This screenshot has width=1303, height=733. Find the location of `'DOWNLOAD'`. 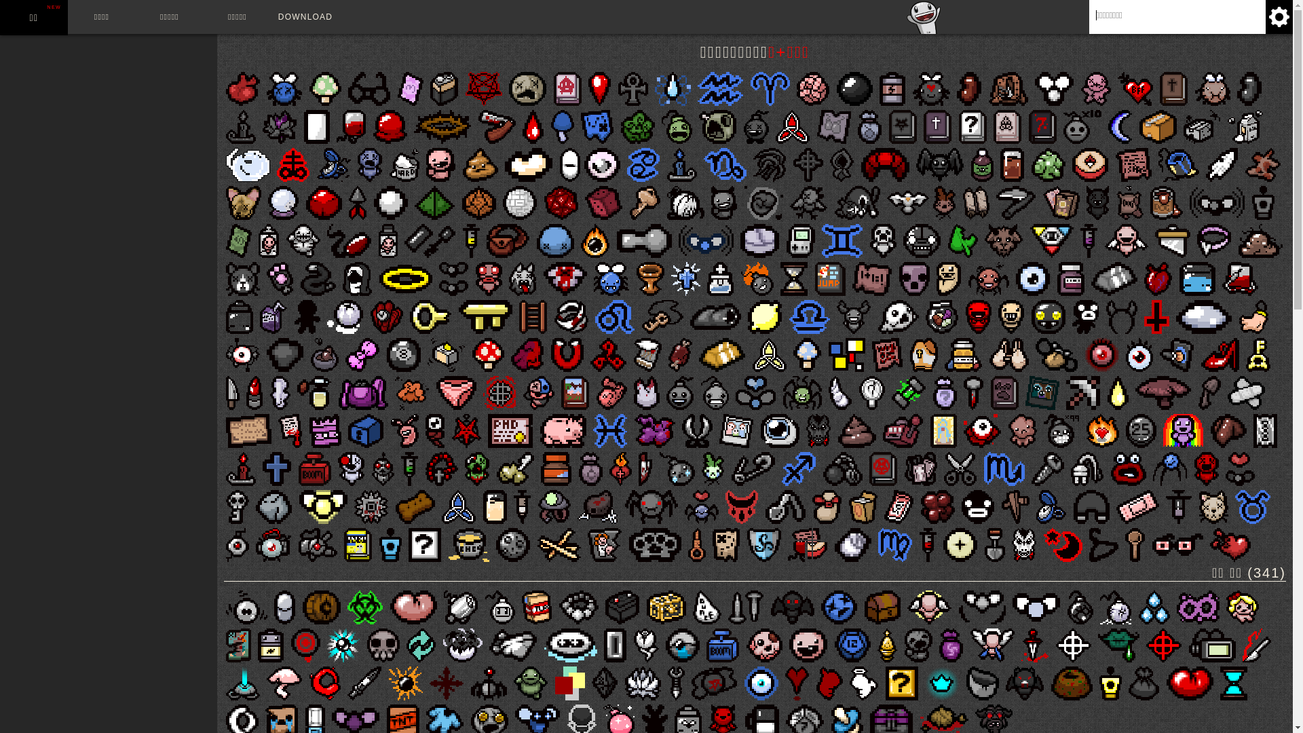

'DOWNLOAD' is located at coordinates (305, 16).